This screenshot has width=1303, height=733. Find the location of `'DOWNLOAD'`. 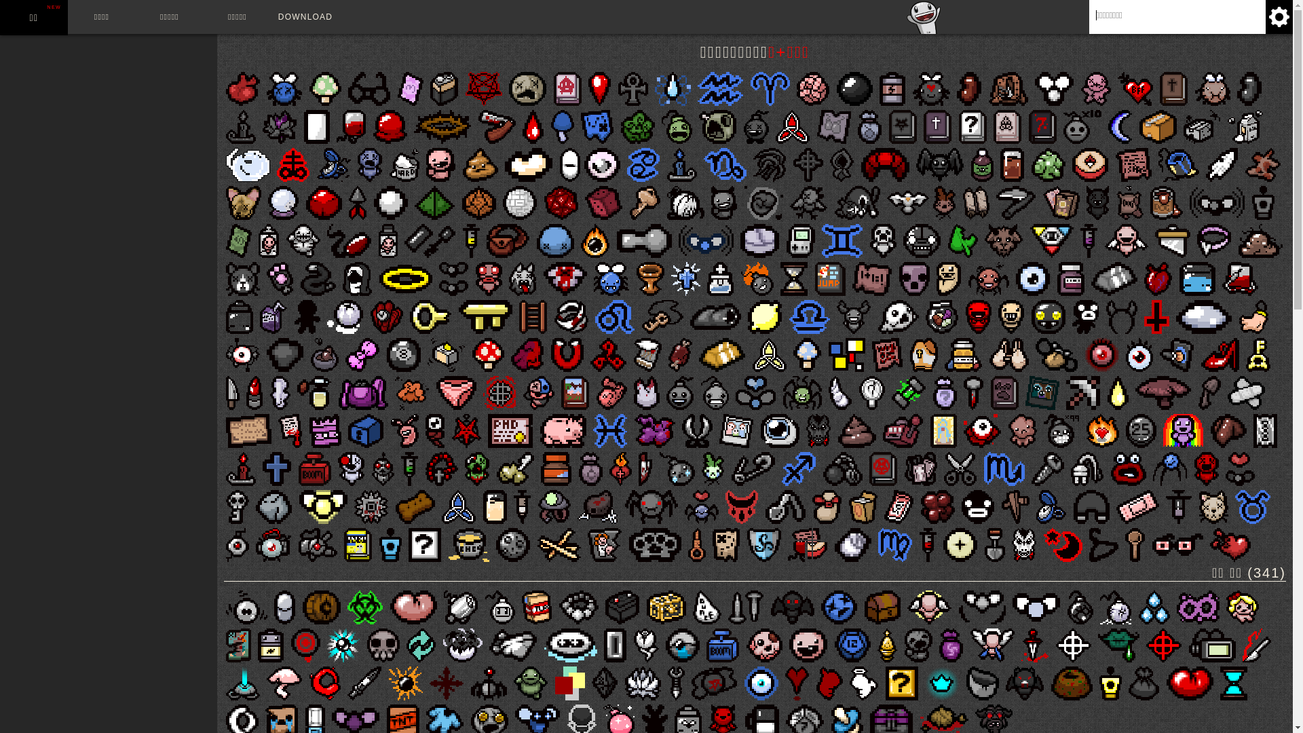

'DOWNLOAD' is located at coordinates (305, 16).